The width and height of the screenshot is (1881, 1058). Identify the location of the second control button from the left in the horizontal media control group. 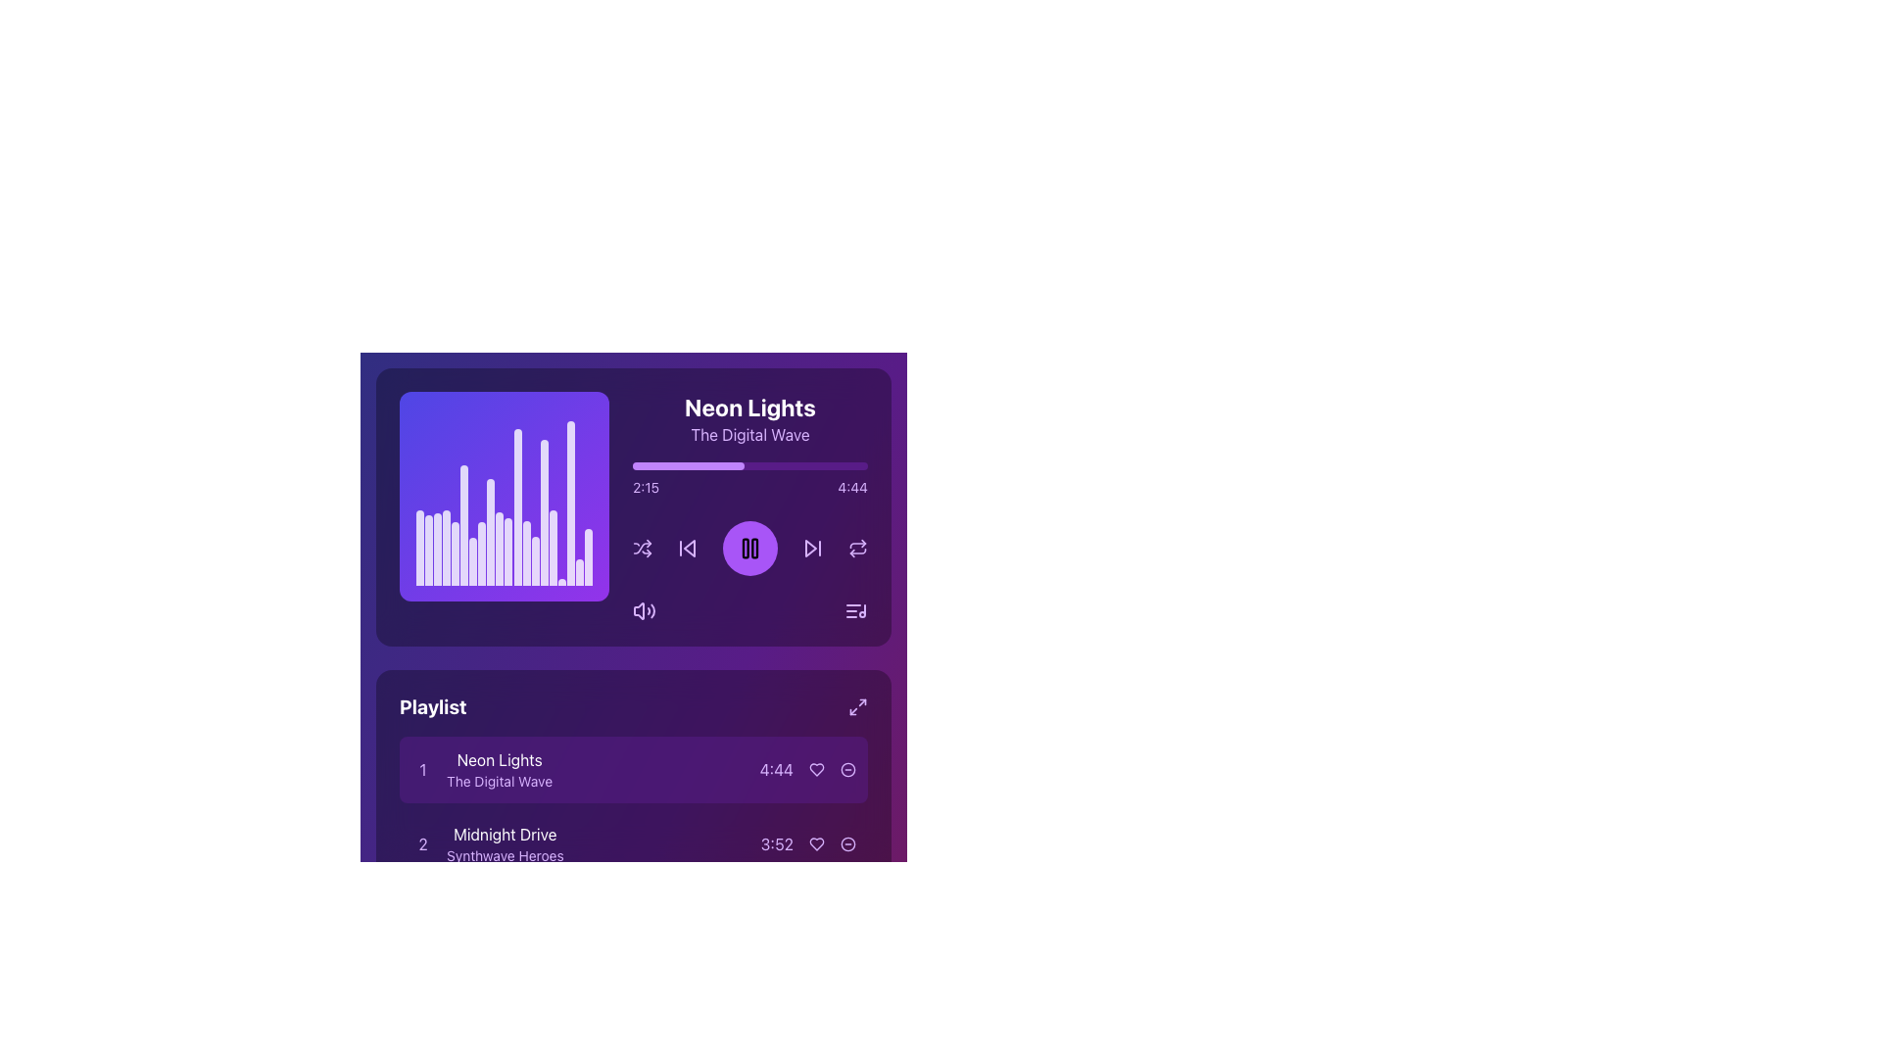
(687, 548).